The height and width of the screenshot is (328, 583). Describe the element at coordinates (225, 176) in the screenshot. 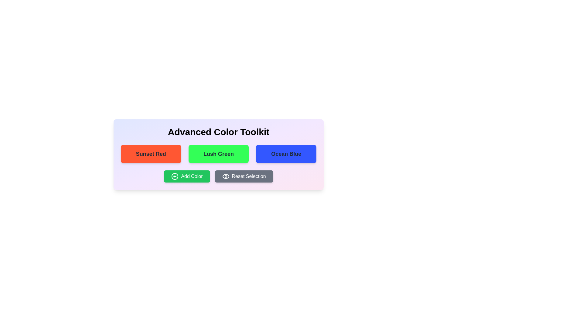

I see `the visibility toggle icon that is part of the 'Reset Selection' button, located to the left of the button text` at that location.